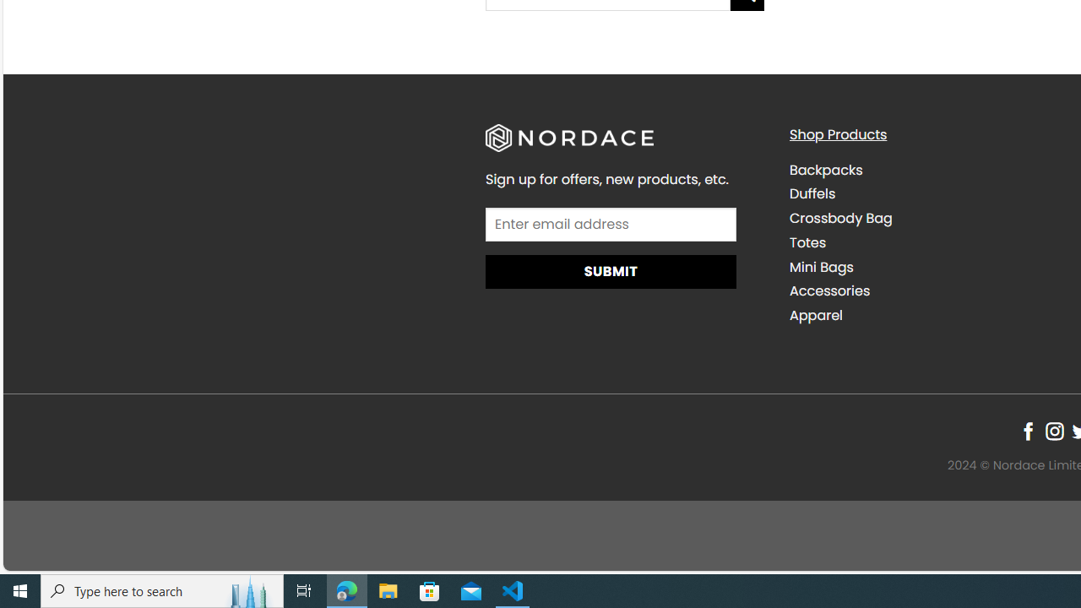  Describe the element at coordinates (610, 223) in the screenshot. I see `'AutomationID: input_4_1'` at that location.